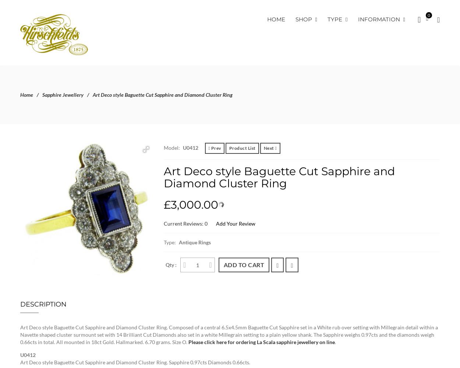 The image size is (460, 368). I want to click on 'Description', so click(43, 304).